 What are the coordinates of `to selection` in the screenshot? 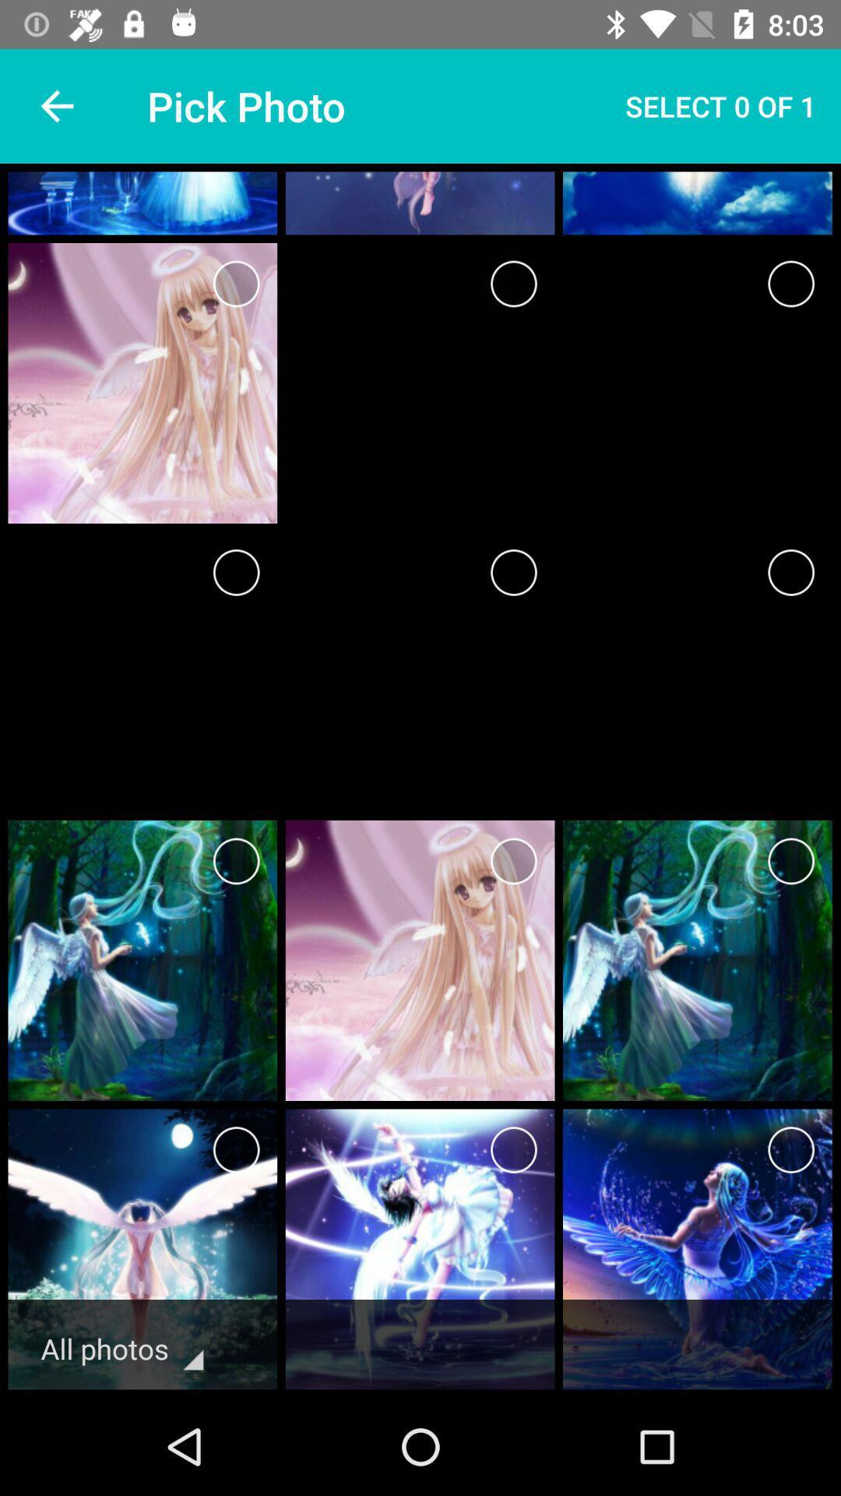 It's located at (236, 1150).